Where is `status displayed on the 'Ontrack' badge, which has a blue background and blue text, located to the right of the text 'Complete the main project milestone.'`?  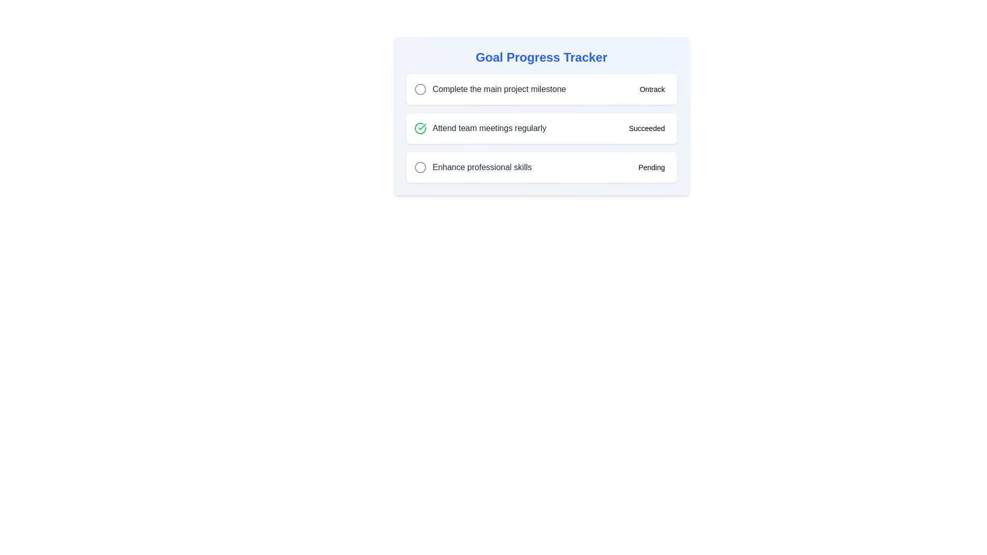 status displayed on the 'Ontrack' badge, which has a blue background and blue text, located to the right of the text 'Complete the main project milestone.' is located at coordinates (651, 88).